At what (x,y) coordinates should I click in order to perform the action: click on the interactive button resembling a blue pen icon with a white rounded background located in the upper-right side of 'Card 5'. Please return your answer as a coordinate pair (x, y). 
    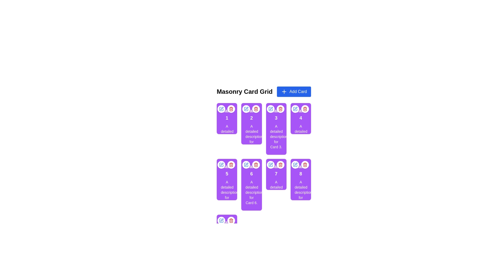
    Looking at the image, I should click on (226, 165).